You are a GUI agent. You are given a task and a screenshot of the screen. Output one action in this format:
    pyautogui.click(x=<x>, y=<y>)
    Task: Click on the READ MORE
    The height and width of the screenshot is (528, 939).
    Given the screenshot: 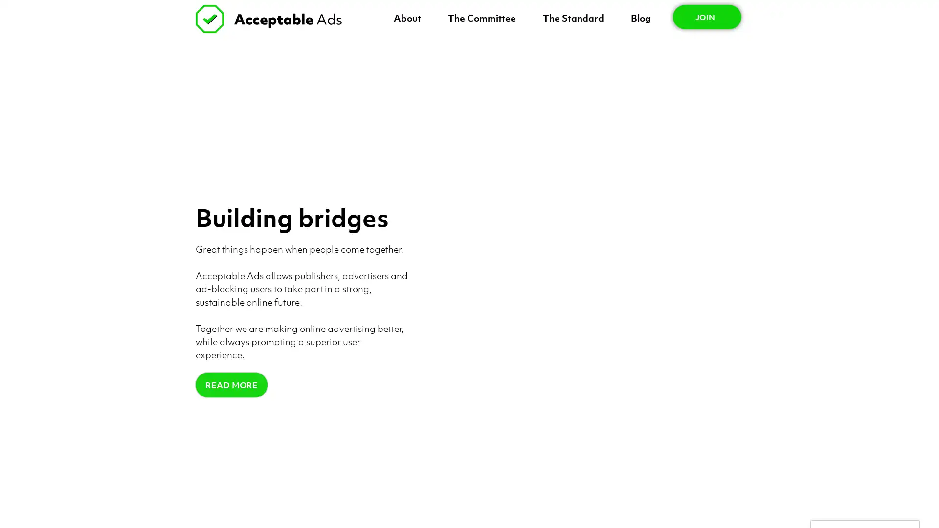 What is the action you would take?
    pyautogui.click(x=231, y=384)
    